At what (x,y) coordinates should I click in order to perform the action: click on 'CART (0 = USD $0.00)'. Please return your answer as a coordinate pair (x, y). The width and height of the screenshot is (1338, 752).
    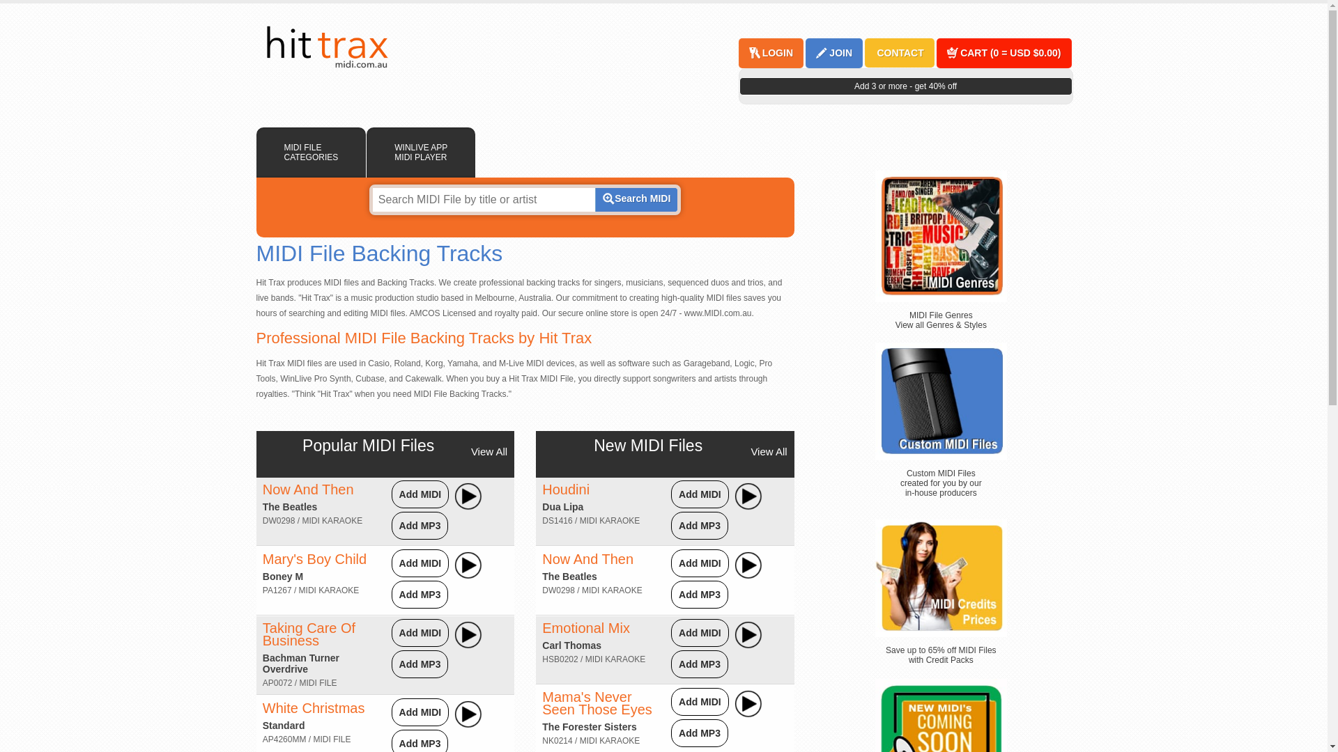
    Looking at the image, I should click on (1010, 52).